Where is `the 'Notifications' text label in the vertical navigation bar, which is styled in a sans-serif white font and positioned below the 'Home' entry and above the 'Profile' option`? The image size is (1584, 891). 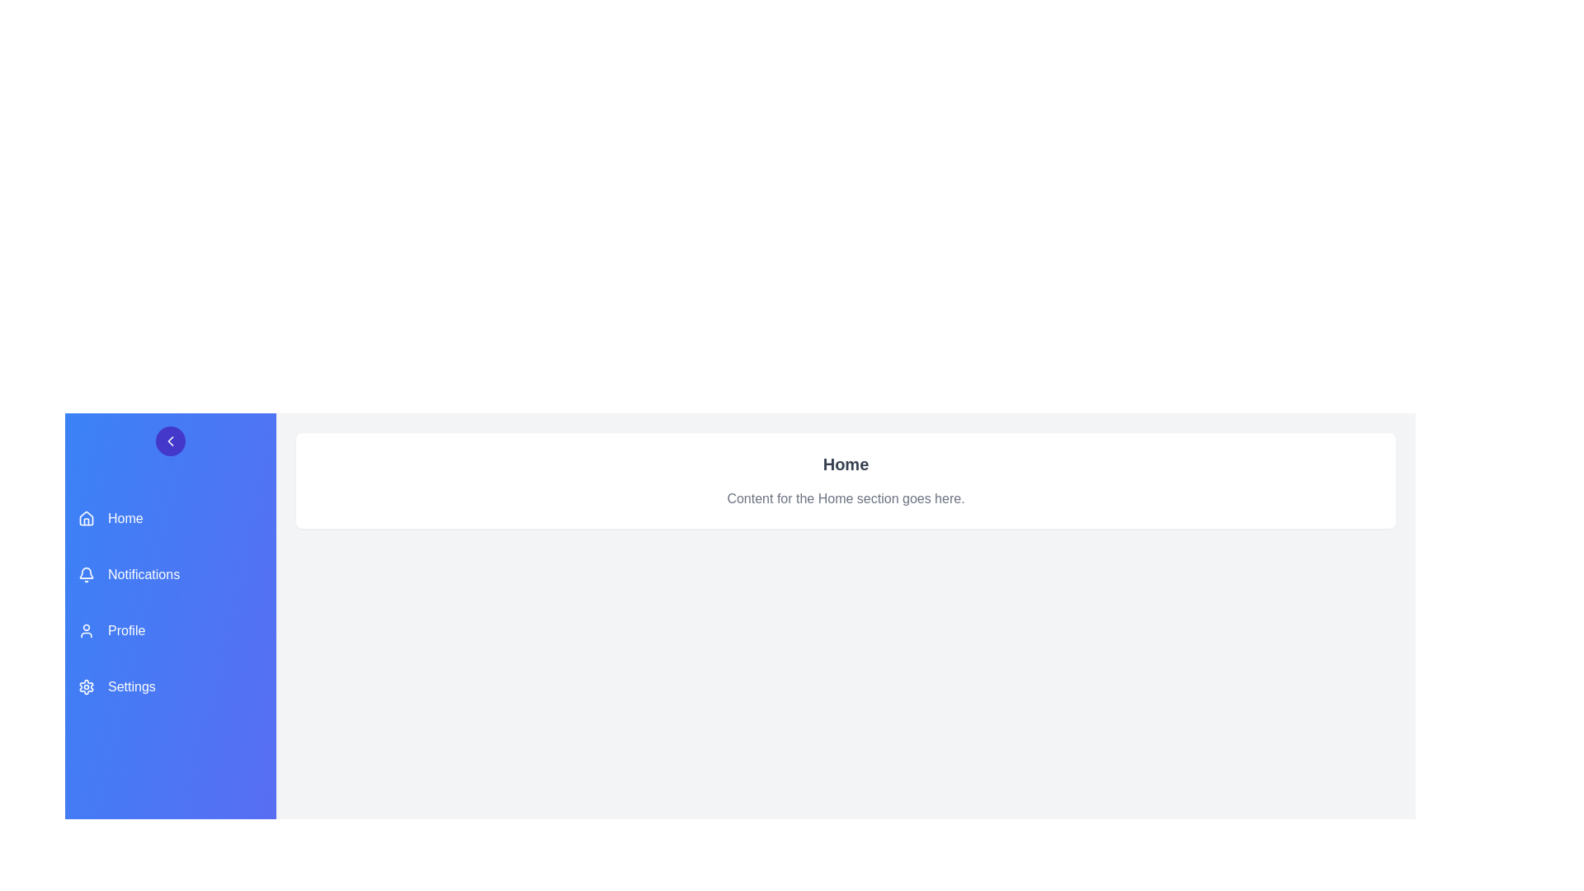
the 'Notifications' text label in the vertical navigation bar, which is styled in a sans-serif white font and positioned below the 'Home' entry and above the 'Profile' option is located at coordinates (144, 574).